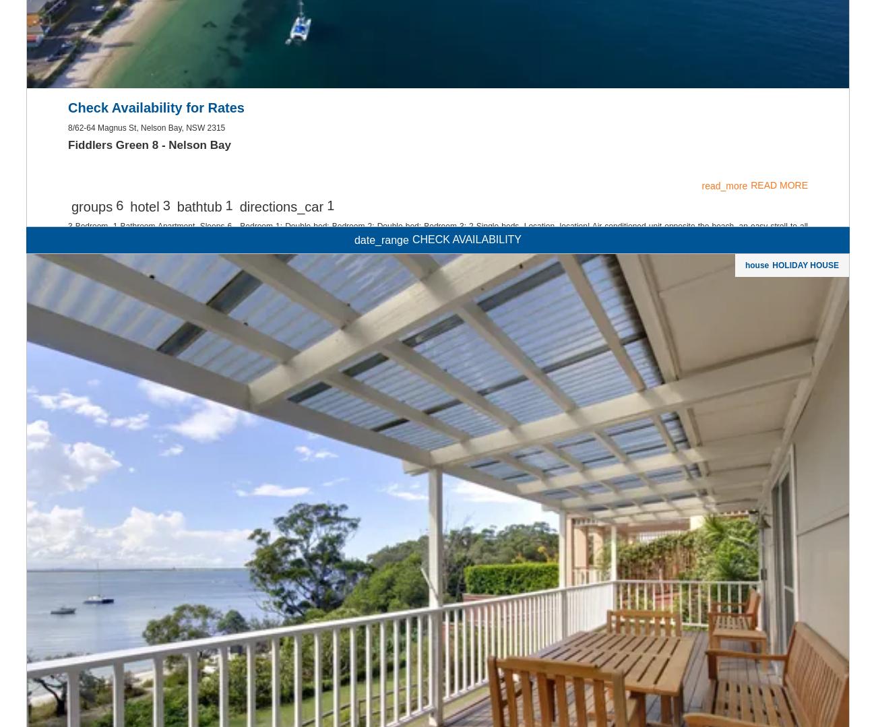 The height and width of the screenshot is (727, 876). What do you see at coordinates (451, 322) in the screenshot?
I see `'Subscribe'` at bounding box center [451, 322].